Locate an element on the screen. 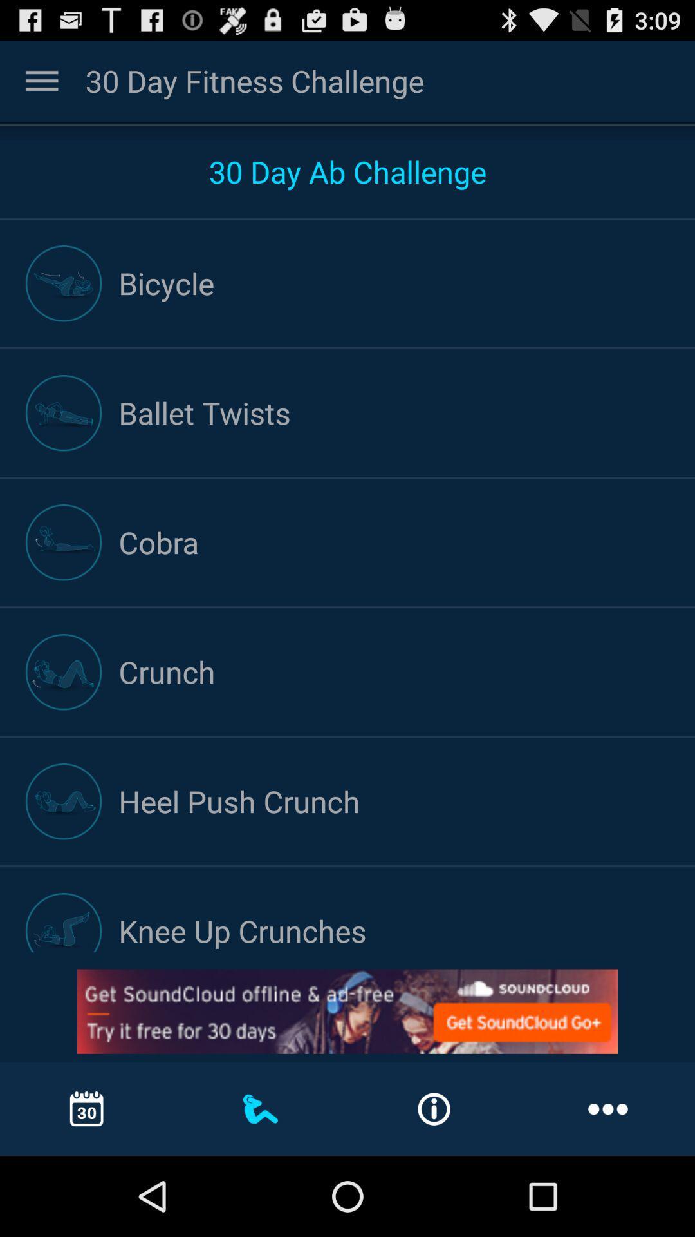  the icon which is before crunch is located at coordinates (64, 671).